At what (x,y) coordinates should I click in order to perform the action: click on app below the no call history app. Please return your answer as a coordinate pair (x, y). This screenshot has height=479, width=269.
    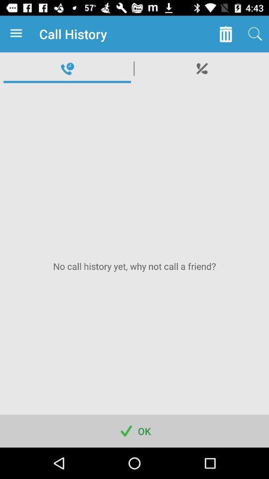
    Looking at the image, I should click on (134, 431).